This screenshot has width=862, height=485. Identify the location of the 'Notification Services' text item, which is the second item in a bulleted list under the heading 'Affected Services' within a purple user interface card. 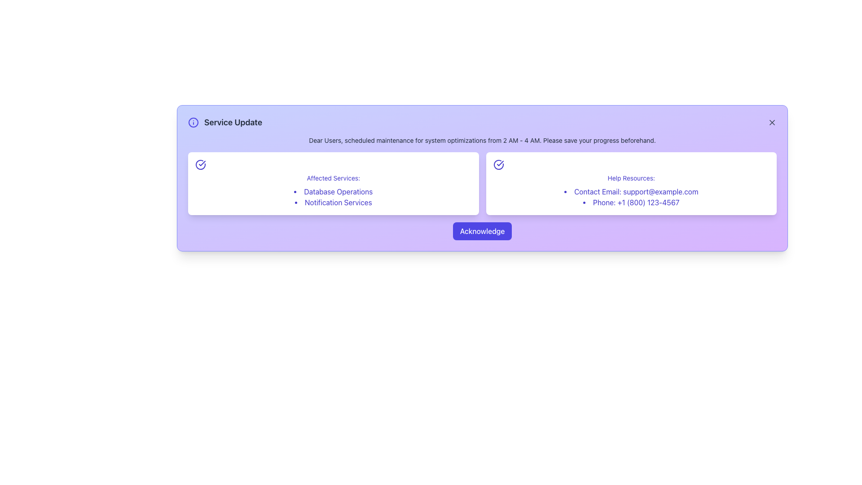
(333, 203).